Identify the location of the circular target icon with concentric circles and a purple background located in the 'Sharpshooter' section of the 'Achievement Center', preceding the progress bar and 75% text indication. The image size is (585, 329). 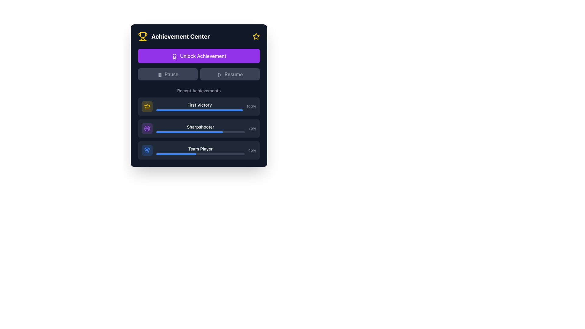
(147, 128).